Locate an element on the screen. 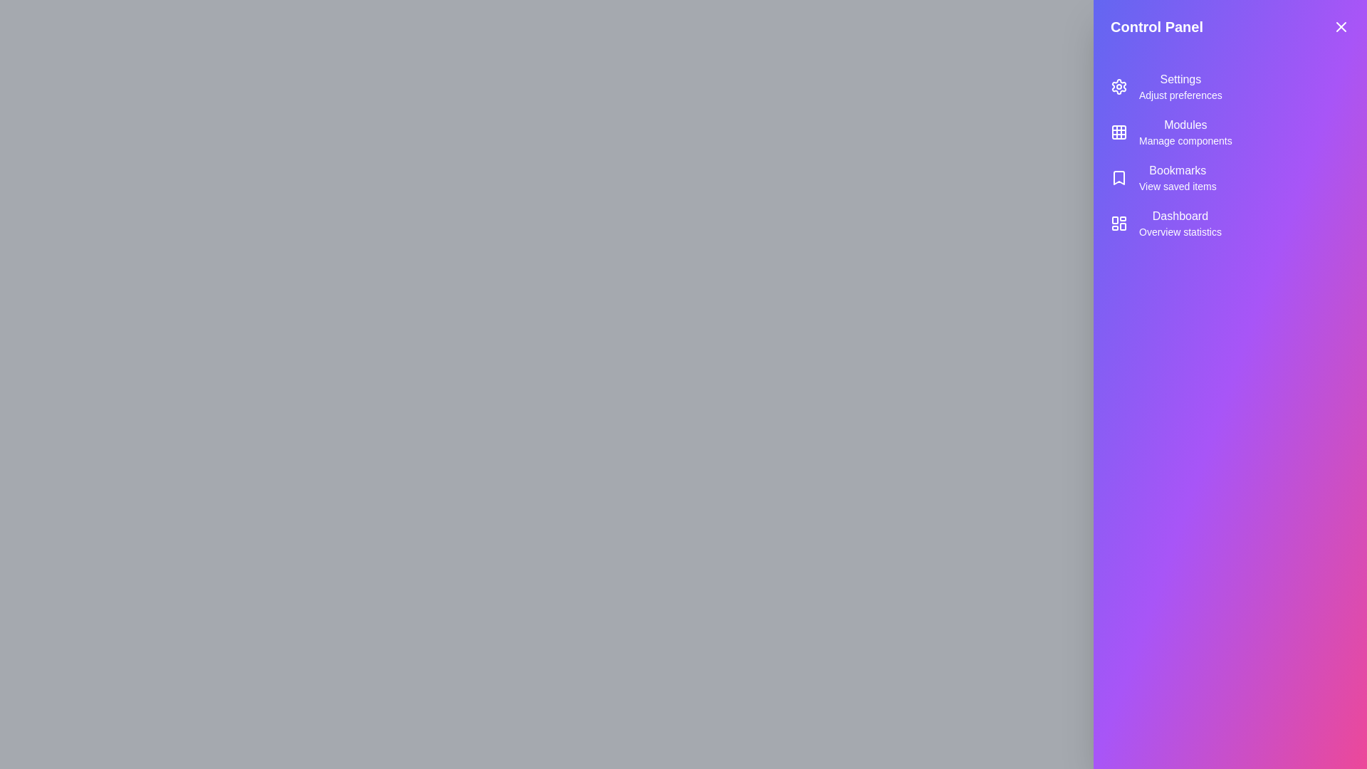 The image size is (1367, 769). the 'Modules' text label, which is a prominent medium-sized bold white font label located in the right side panel of the 'Control Panel', positioned between 'Settings' and 'Bookmarks' is located at coordinates (1185, 125).